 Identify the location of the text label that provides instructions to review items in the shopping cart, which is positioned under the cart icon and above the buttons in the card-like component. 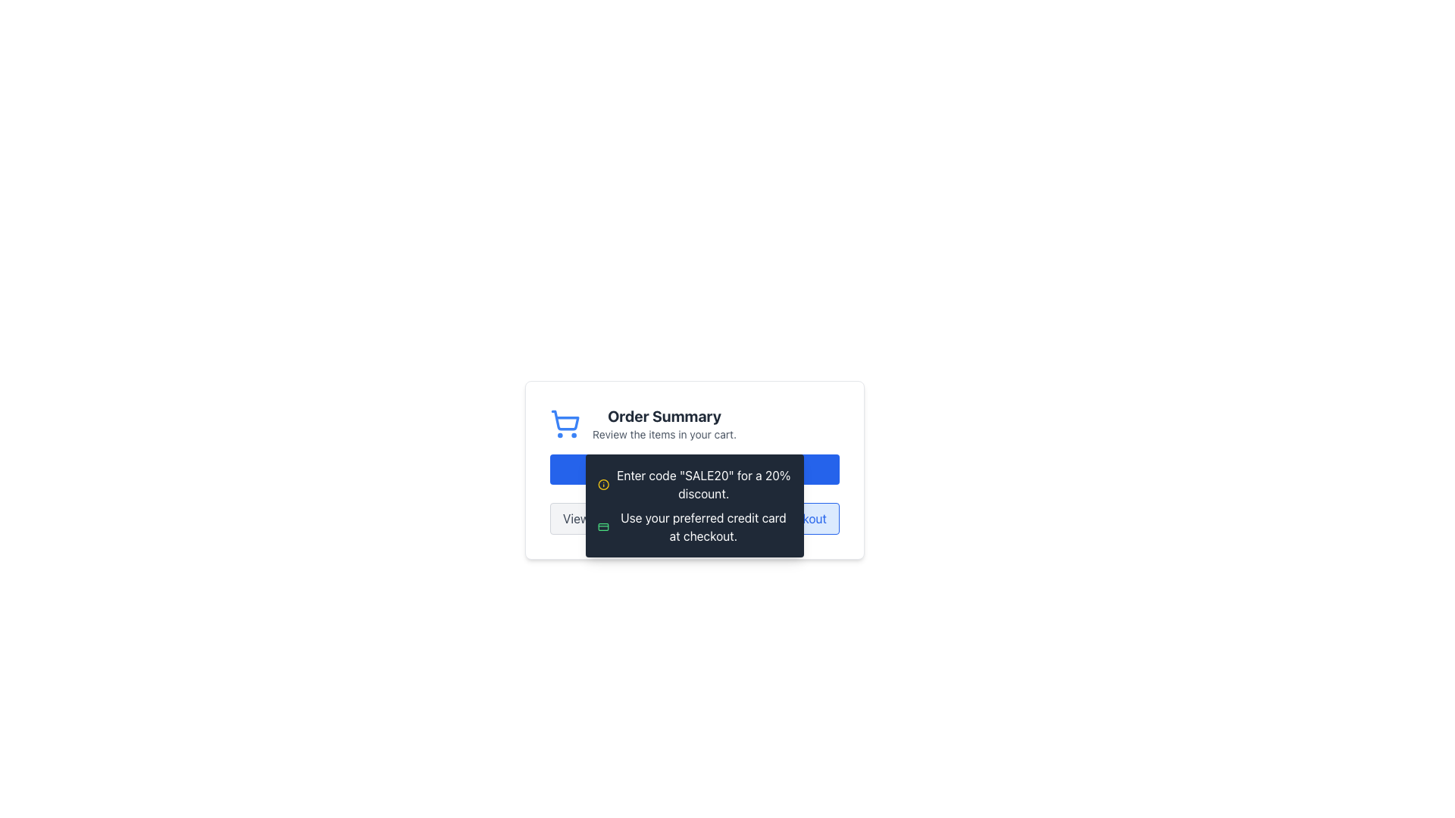
(665, 435).